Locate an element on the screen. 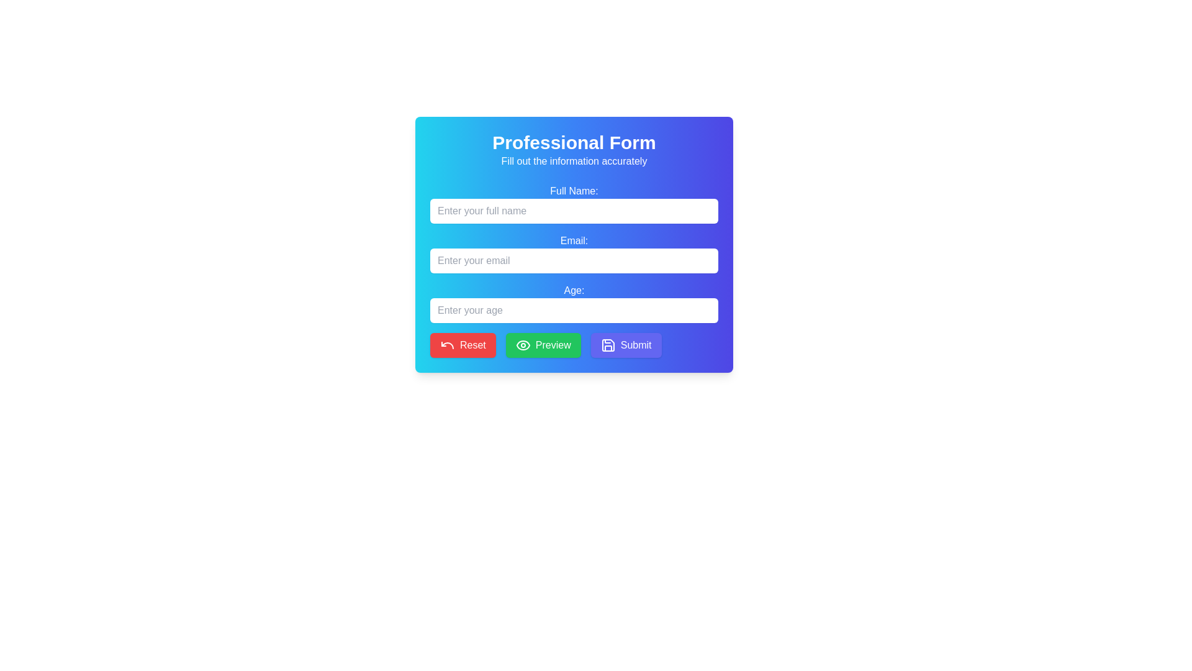  the informational static text located directly below the 'Professional Form' header, which advises users to provide correct details in the form fields is located at coordinates (574, 160).